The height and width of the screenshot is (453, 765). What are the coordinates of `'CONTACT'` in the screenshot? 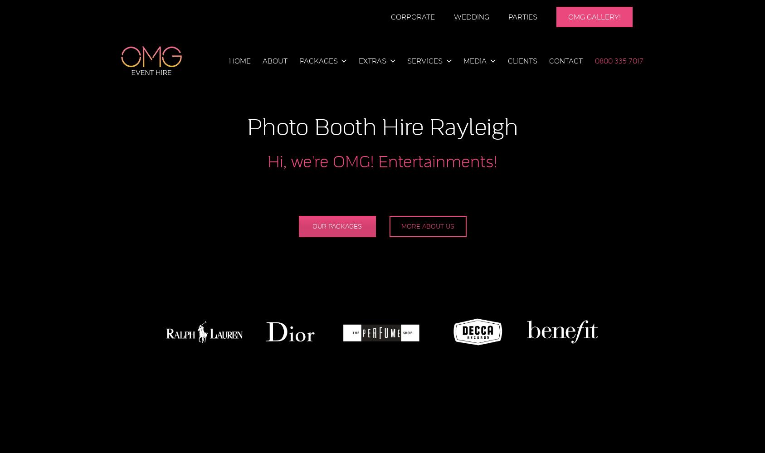 It's located at (565, 60).